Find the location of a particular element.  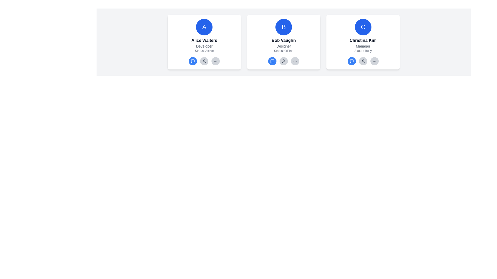

the user profile icon located in the second card for 'Bob Vaughn' is located at coordinates (283, 61).